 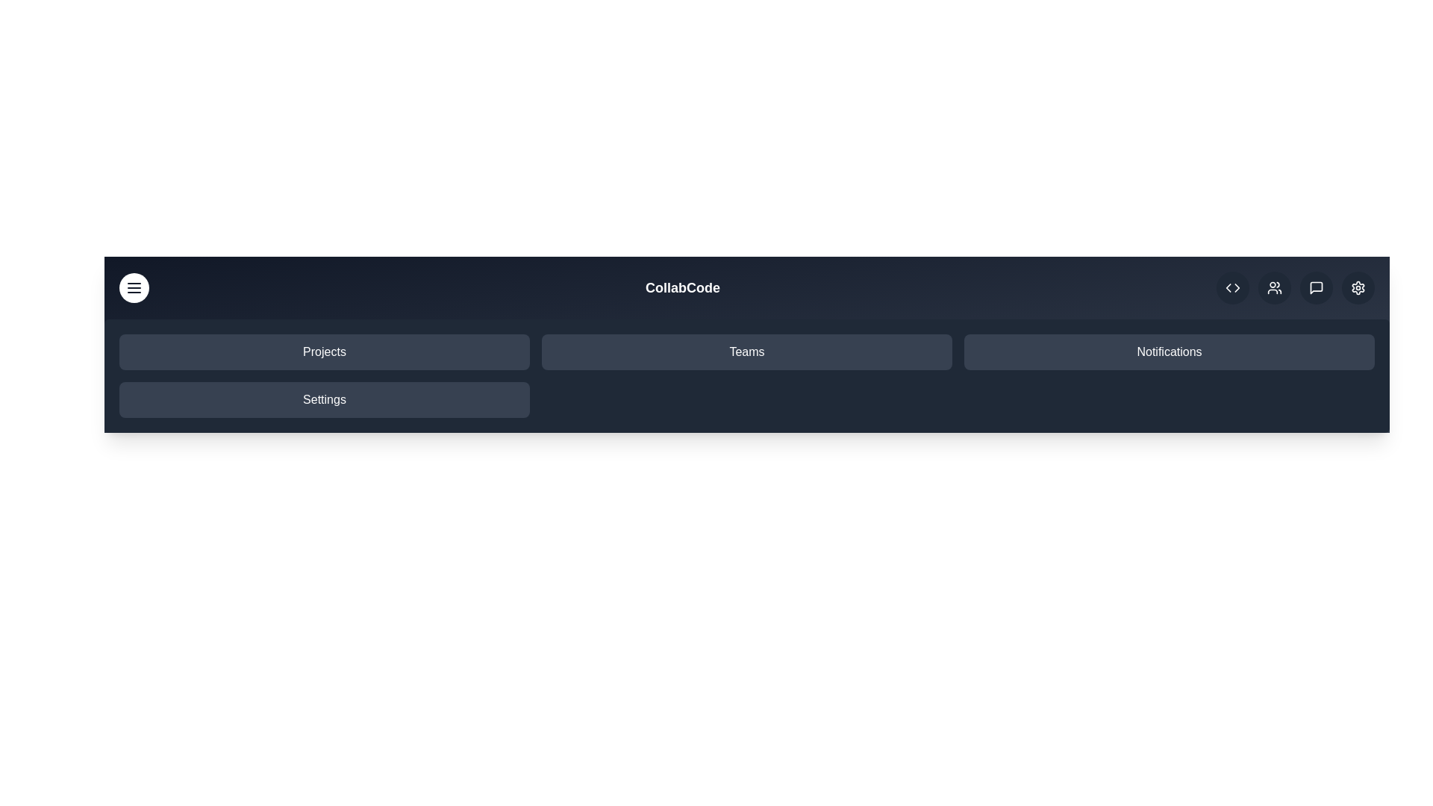 What do you see at coordinates (747, 352) in the screenshot?
I see `the navigation item 'Teams'` at bounding box center [747, 352].